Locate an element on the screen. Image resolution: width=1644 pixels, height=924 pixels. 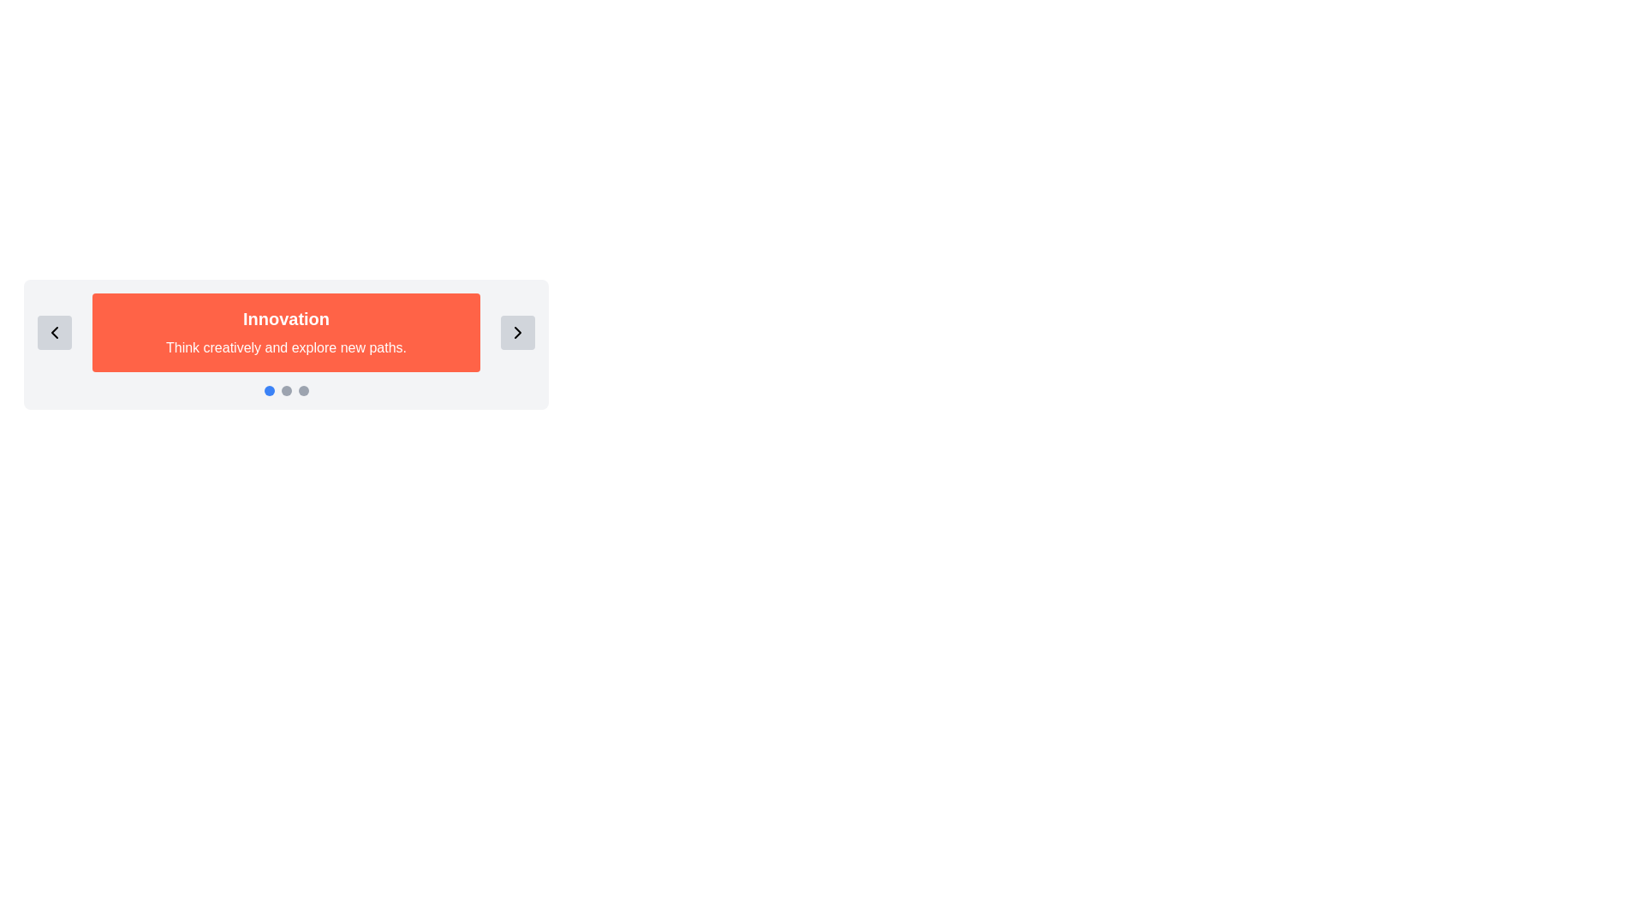
the middle circular navigation indicator located below the 'Innovation' card in a group of three similar icons is located at coordinates (286, 390).